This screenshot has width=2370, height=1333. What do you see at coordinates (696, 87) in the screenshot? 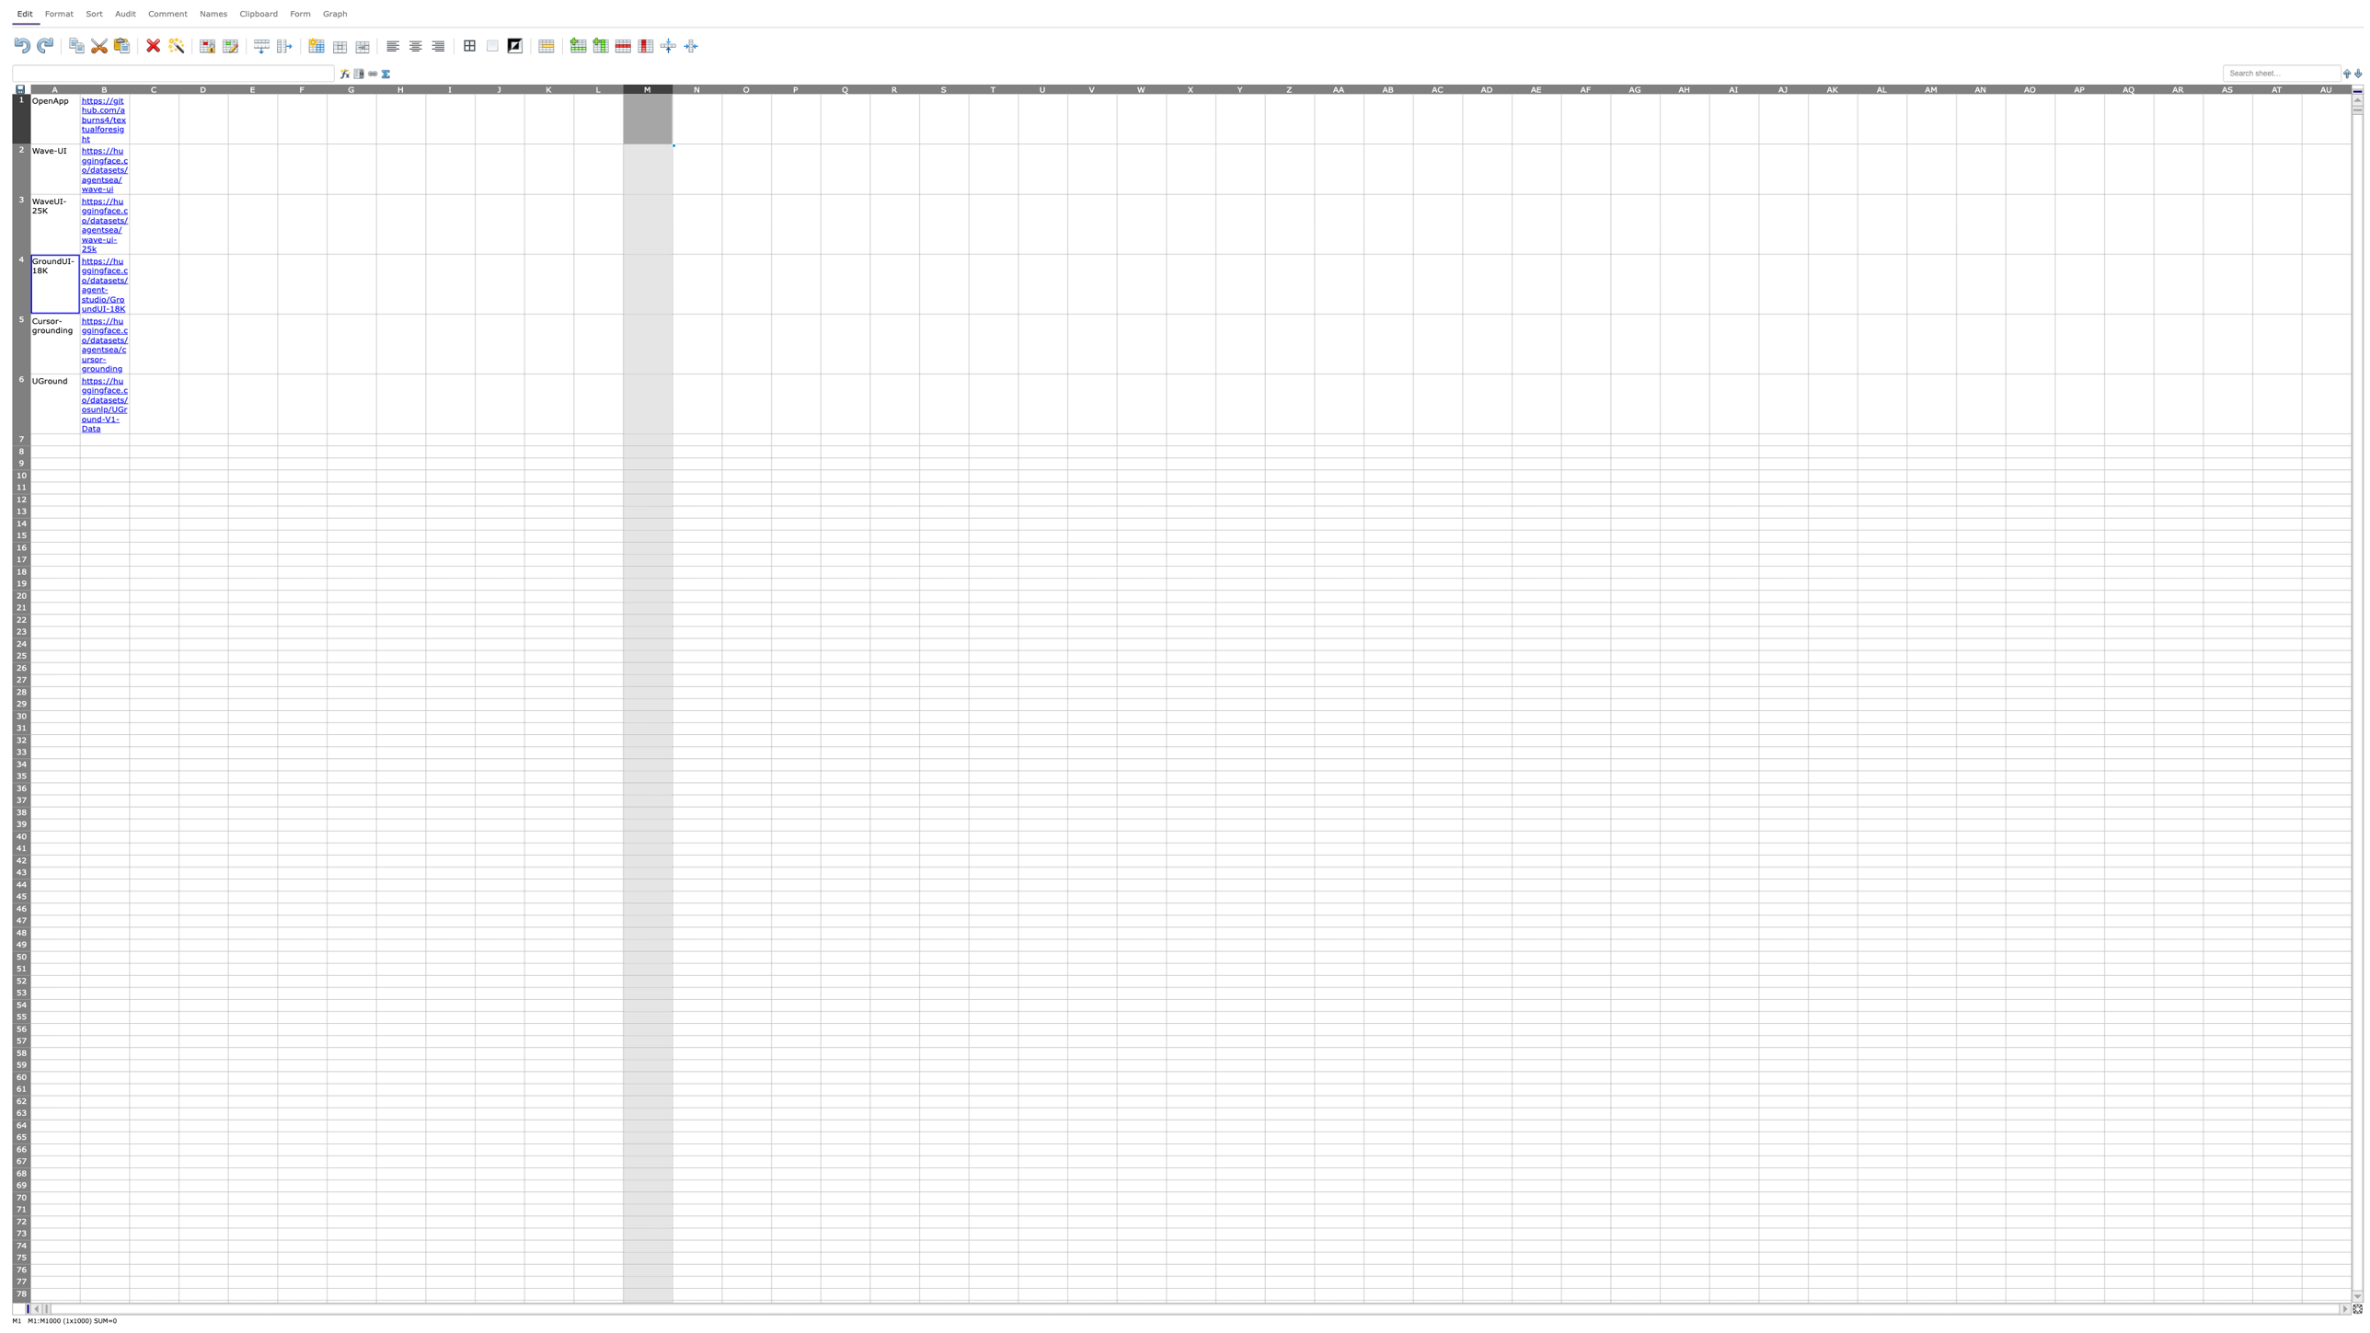
I see `to select column N` at bounding box center [696, 87].